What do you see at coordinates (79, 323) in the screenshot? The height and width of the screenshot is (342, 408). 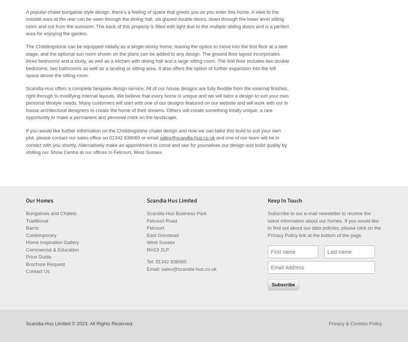 I see `'Scandia-Hus Limited © 2023. All Rights Reserved.'` at bounding box center [79, 323].